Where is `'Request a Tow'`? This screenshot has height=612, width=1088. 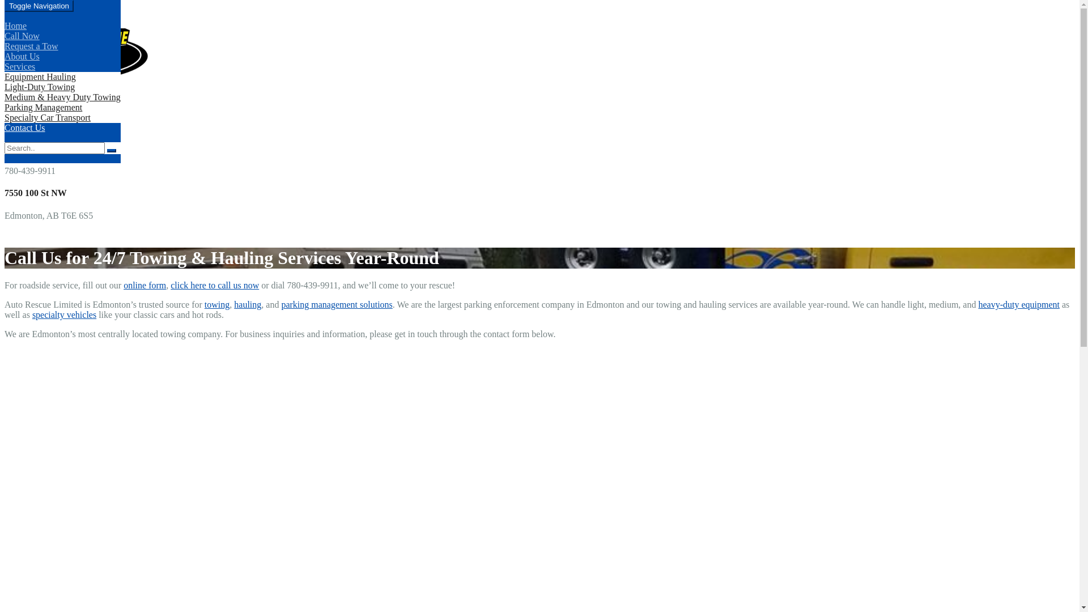
'Request a Tow' is located at coordinates (5, 45).